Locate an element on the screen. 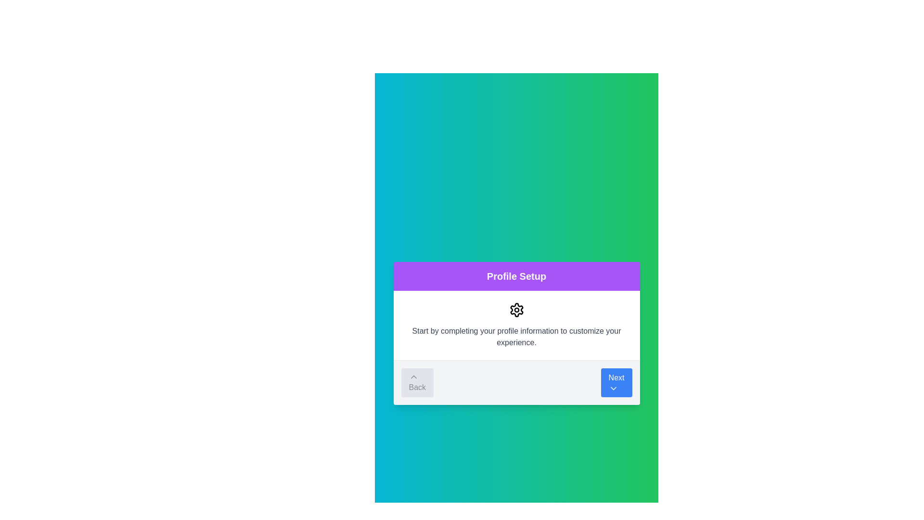  the instructional text element located within the 'Profile Setup' modal, which is positioned below the gear settings icon and above the navigation control bar is located at coordinates (516, 336).